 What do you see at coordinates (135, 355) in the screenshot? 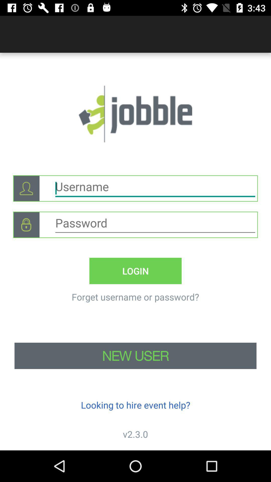
I see `new user item` at bounding box center [135, 355].